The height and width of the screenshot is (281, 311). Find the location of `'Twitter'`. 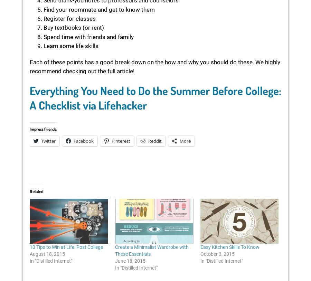

'Twitter' is located at coordinates (48, 140).